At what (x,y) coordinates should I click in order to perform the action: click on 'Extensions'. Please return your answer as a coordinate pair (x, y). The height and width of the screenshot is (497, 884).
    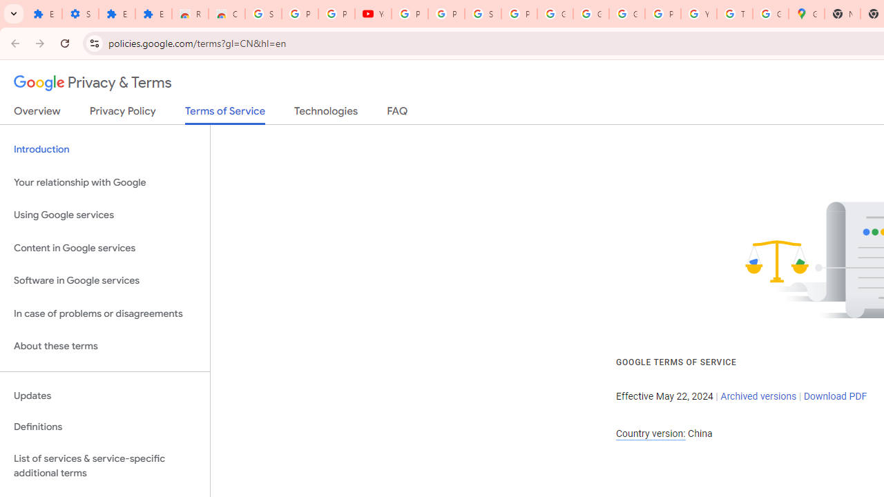
    Looking at the image, I should click on (44, 14).